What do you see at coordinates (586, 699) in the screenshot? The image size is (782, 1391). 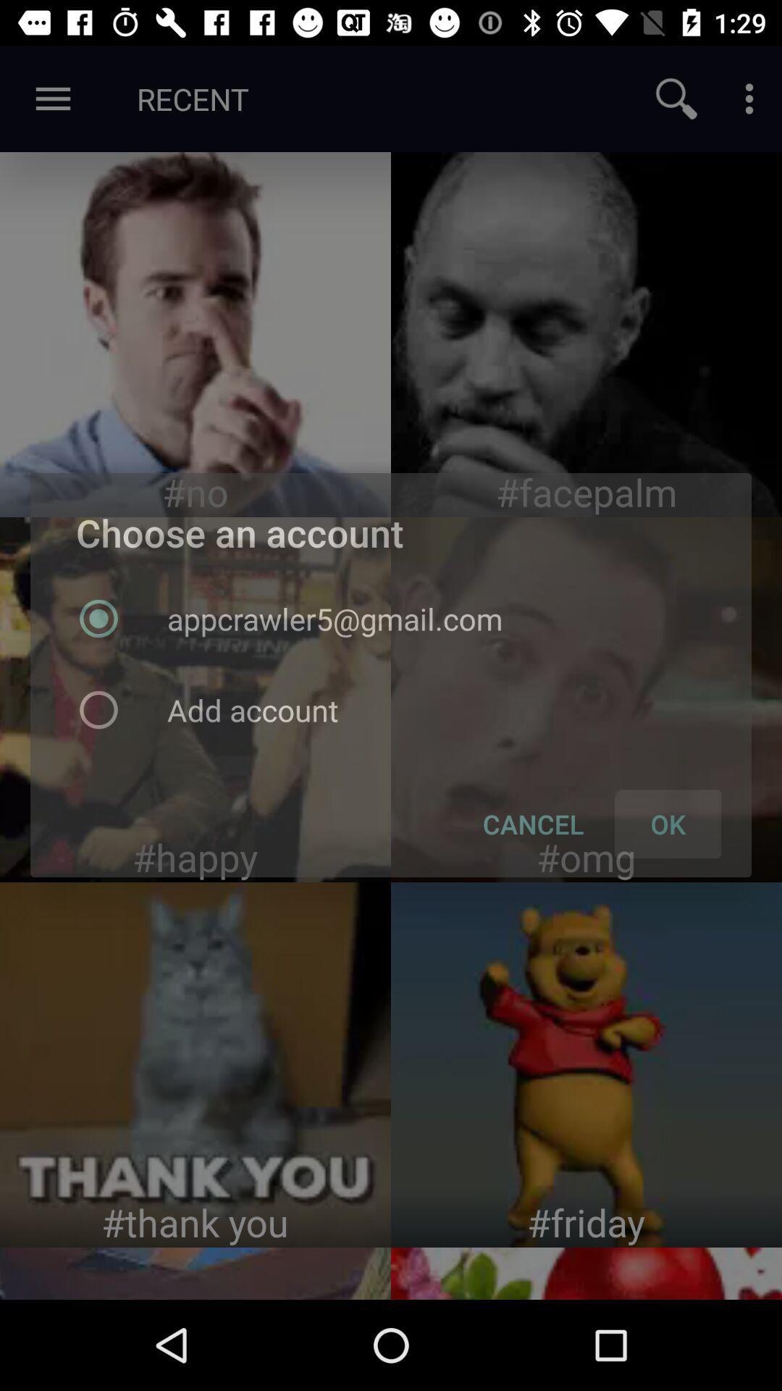 I see `ok button` at bounding box center [586, 699].